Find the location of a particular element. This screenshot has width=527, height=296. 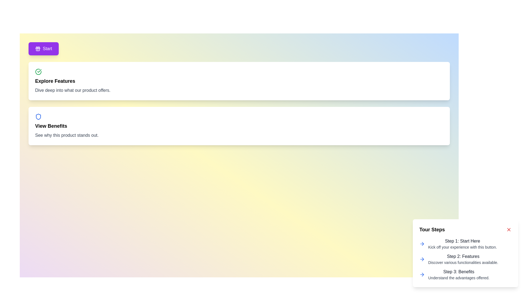

text content of the 'Step 1: Start Here' label, which is styled with medium font weight and dark gray color, located at the top of the 'Tour Steps' section is located at coordinates (462, 241).